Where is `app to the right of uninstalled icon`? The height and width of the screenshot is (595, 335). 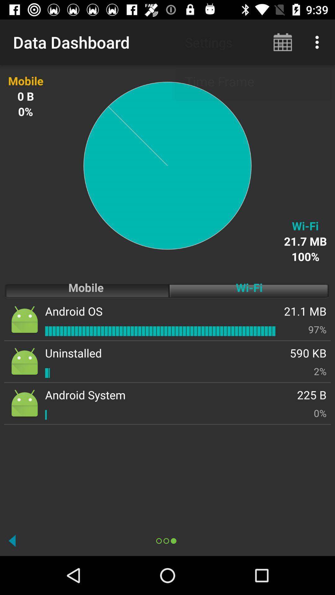 app to the right of uninstalled icon is located at coordinates (308, 353).